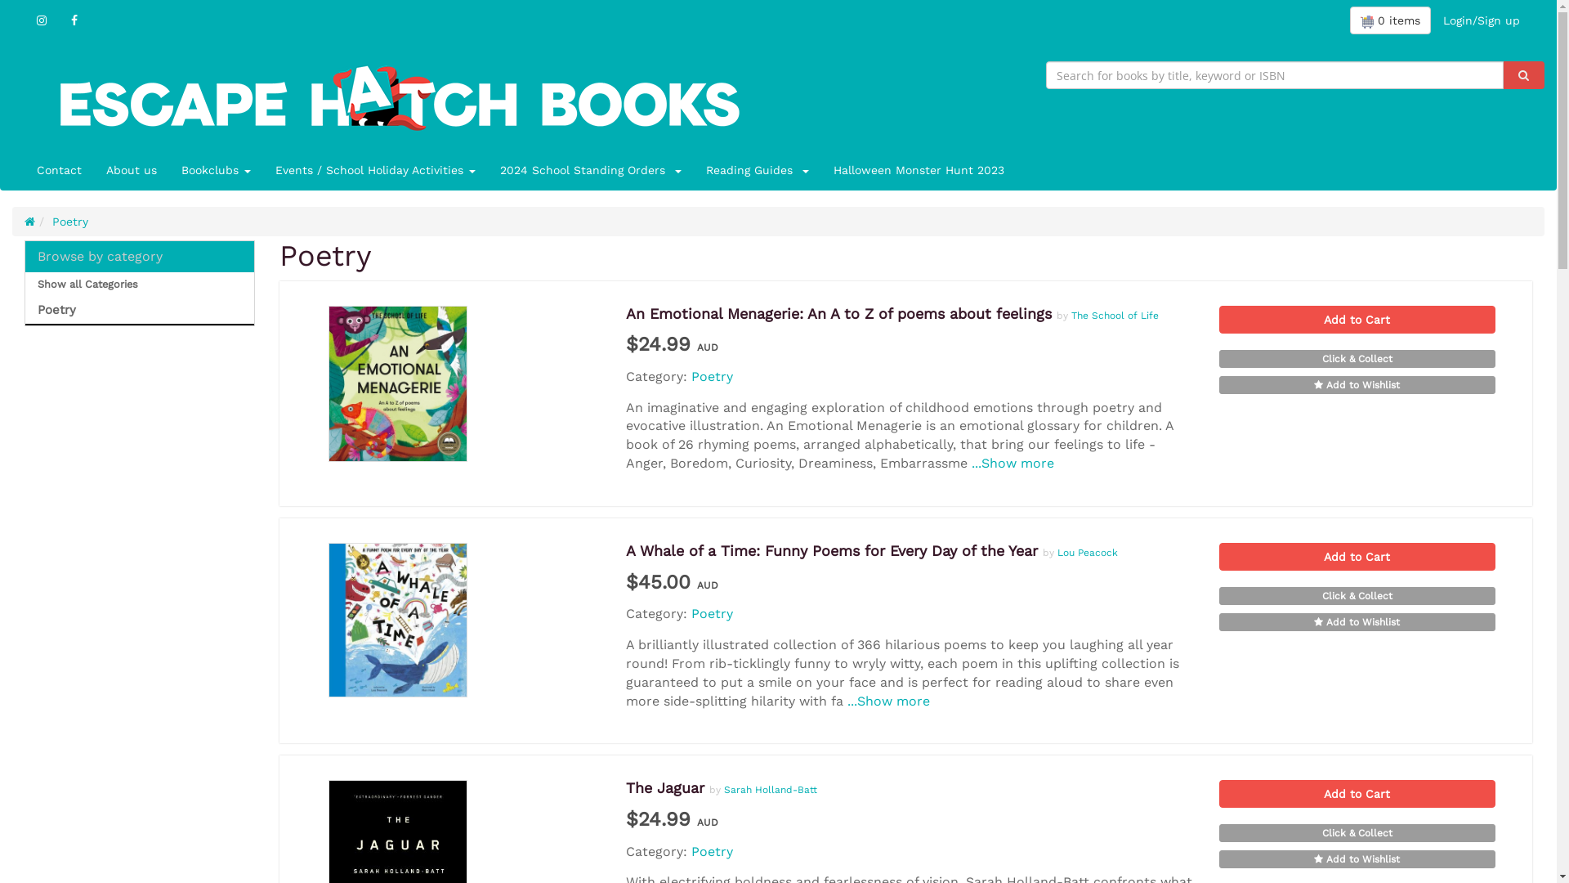  I want to click on 'Reading Guides  ', so click(756, 170).